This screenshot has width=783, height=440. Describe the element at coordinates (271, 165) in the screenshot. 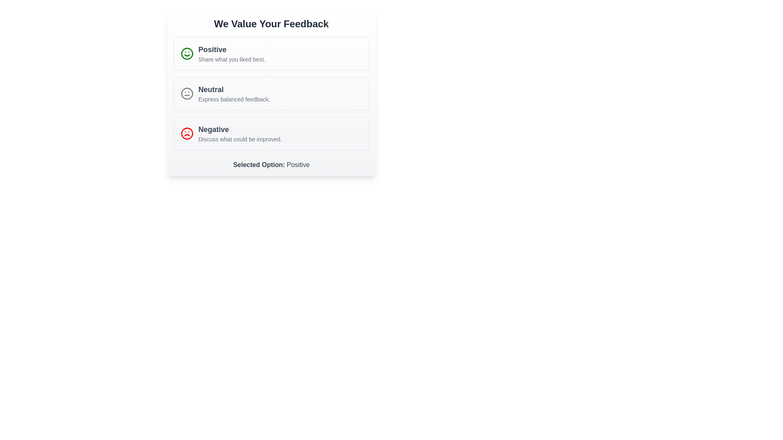

I see `the static text label displaying 'Selected Option: Positive', which is centered below the selectable feedback options` at that location.